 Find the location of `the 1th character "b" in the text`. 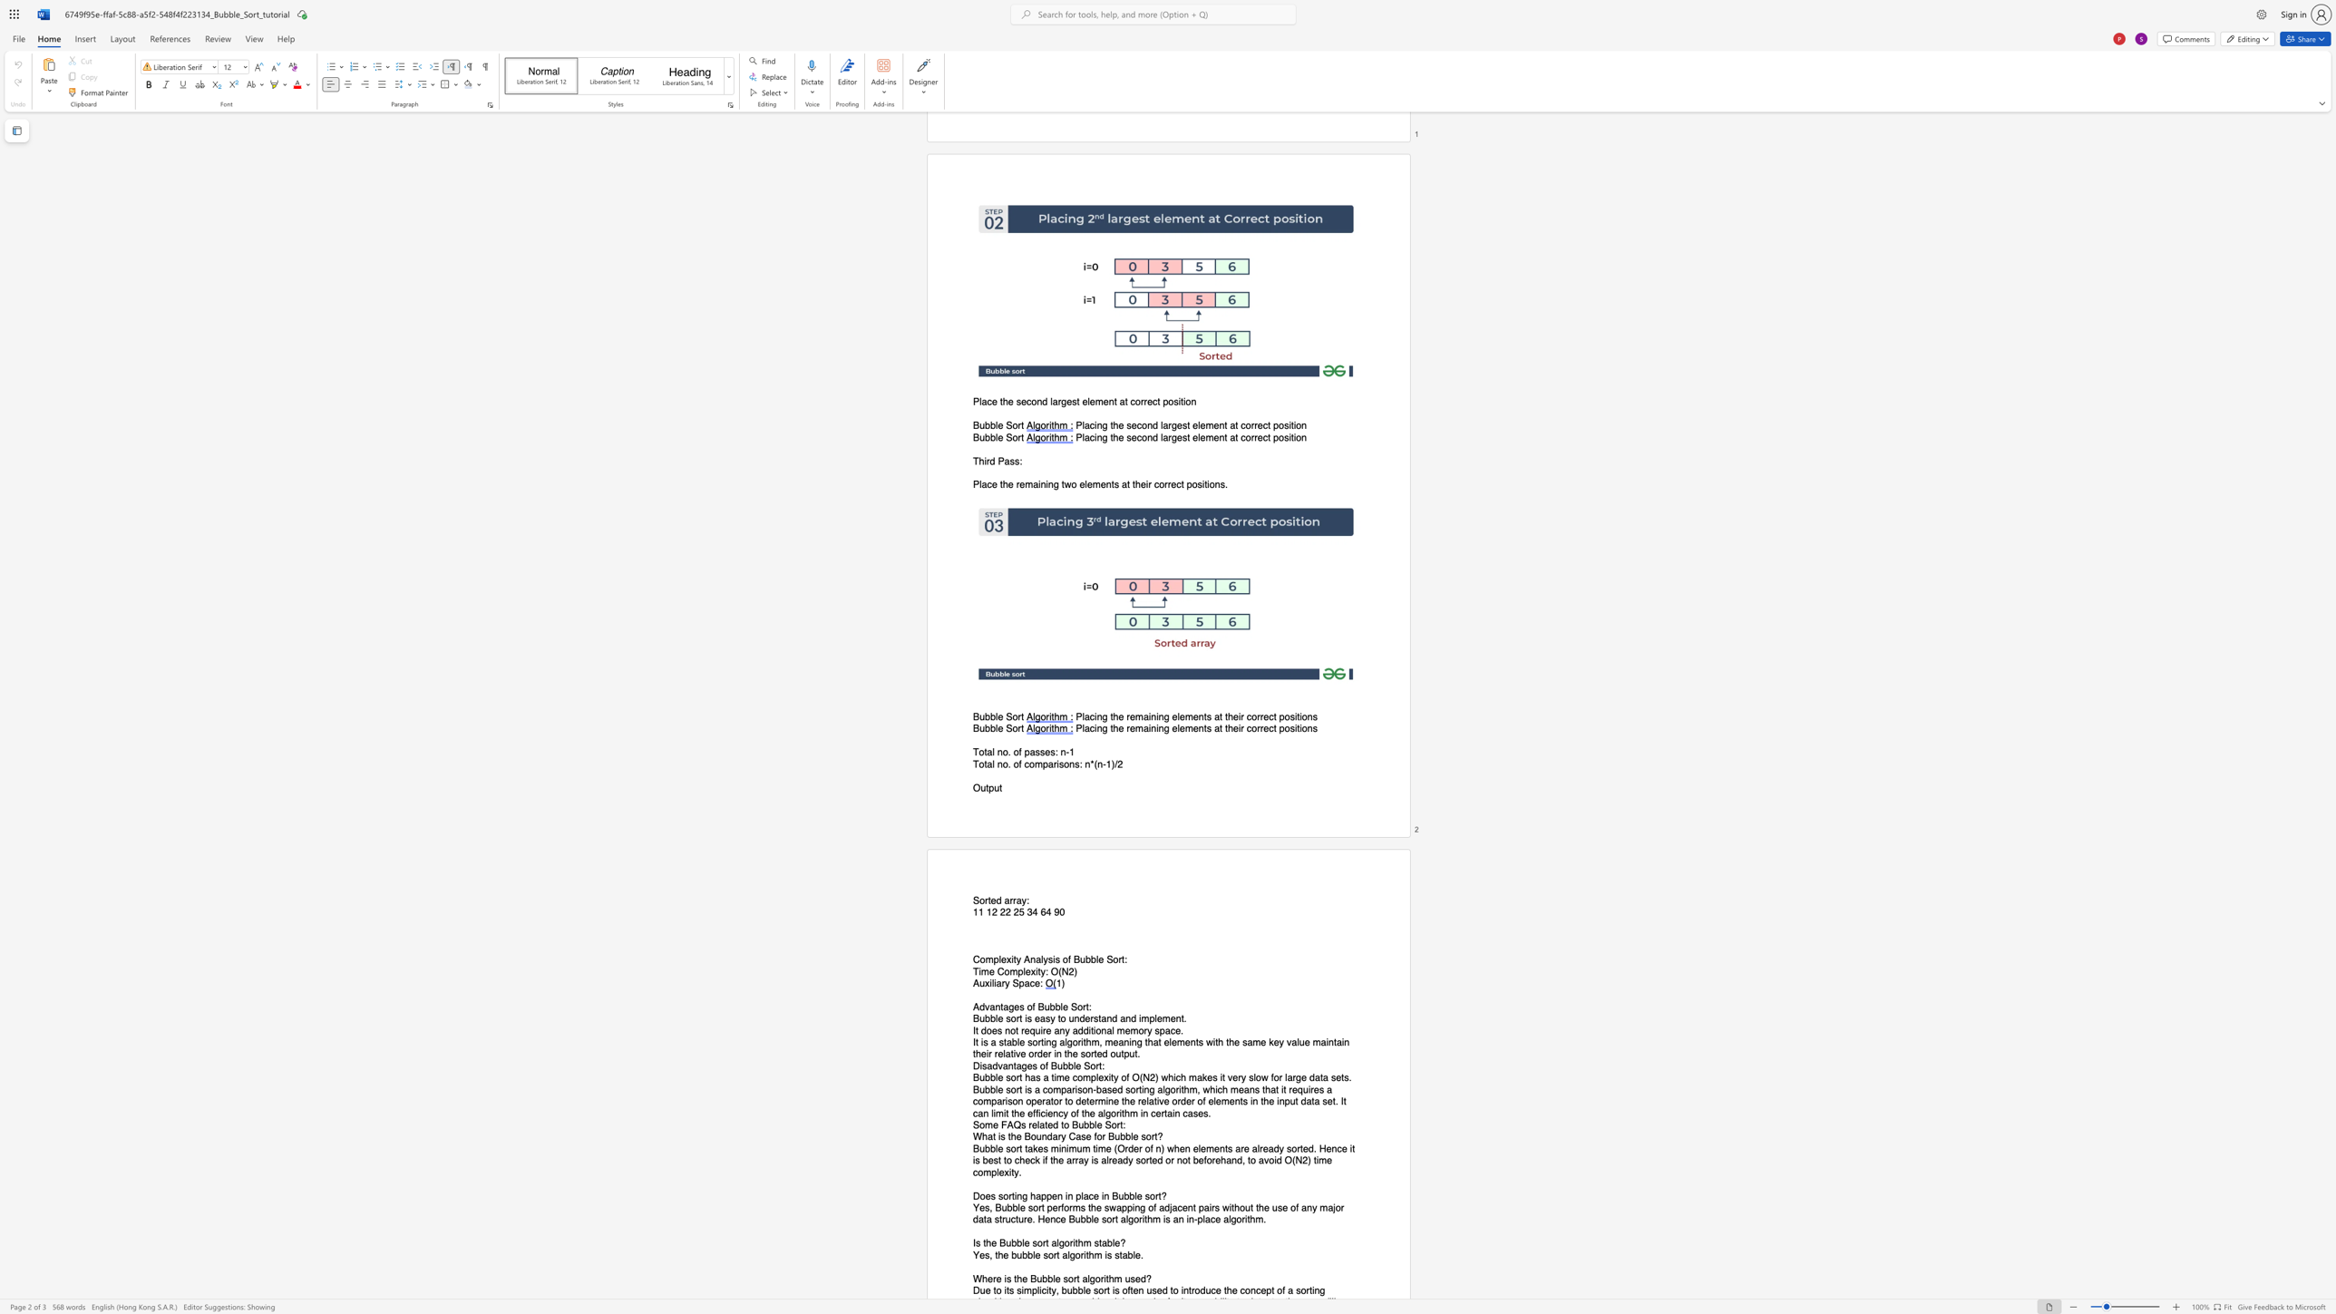

the 1th character "b" in the text is located at coordinates (1064, 1066).